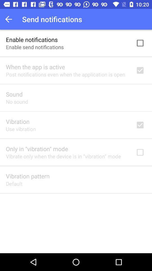  What do you see at coordinates (21, 129) in the screenshot?
I see `icon above only in vibration` at bounding box center [21, 129].